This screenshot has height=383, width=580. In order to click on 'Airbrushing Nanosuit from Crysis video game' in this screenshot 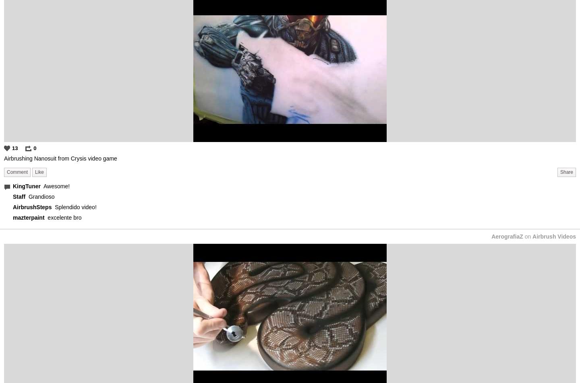, I will do `click(60, 158)`.